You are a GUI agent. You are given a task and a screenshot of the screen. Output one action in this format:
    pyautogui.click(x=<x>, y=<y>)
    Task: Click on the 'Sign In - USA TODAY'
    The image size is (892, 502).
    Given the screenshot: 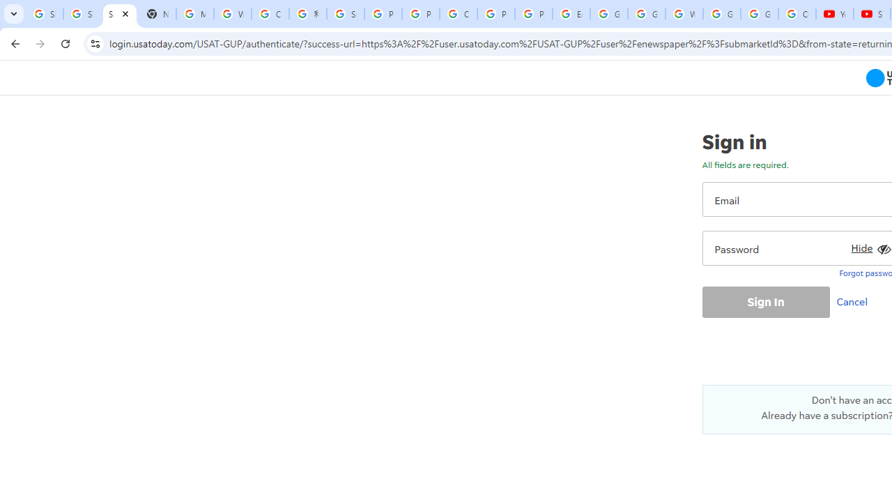 What is the action you would take?
    pyautogui.click(x=119, y=14)
    